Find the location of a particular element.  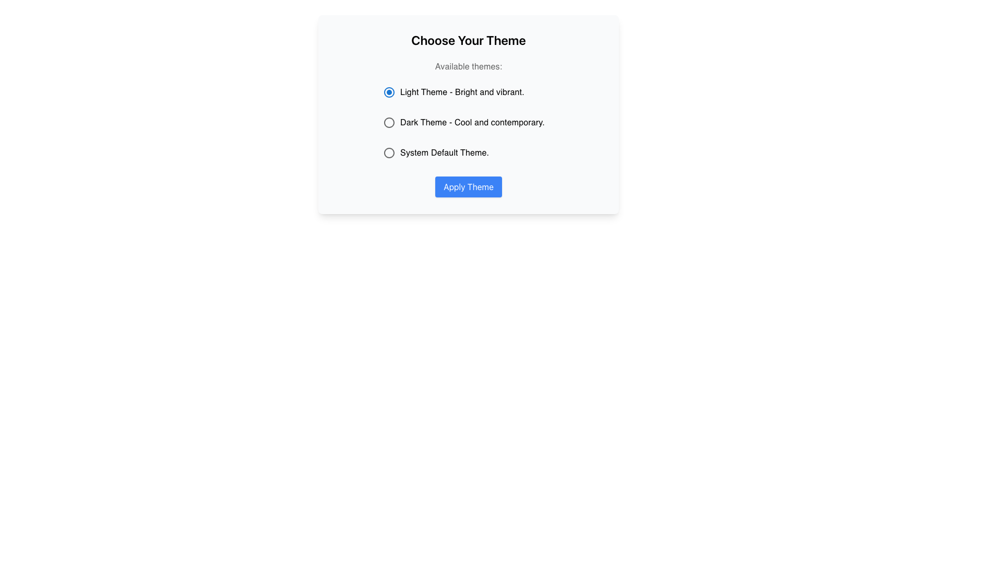

label for the 'Dark Theme' option, which is located below the 'Light Theme - Bright and vibrant.' option and above the 'System Default Theme.' option in the vertical list of radio button options is located at coordinates (472, 122).